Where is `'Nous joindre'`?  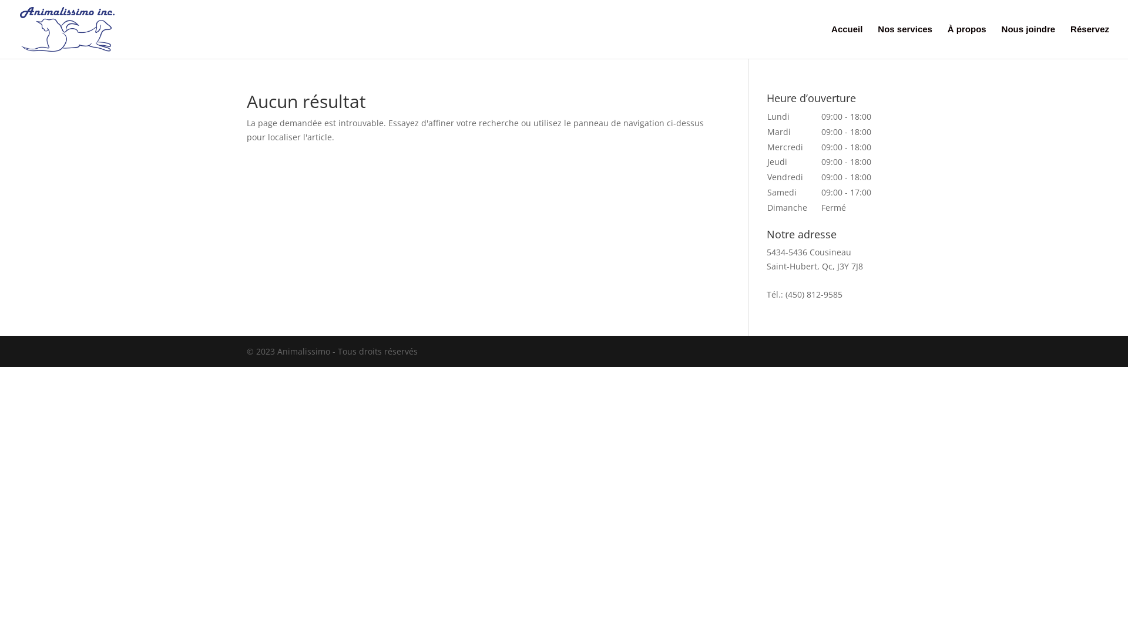 'Nous joindre' is located at coordinates (1028, 41).